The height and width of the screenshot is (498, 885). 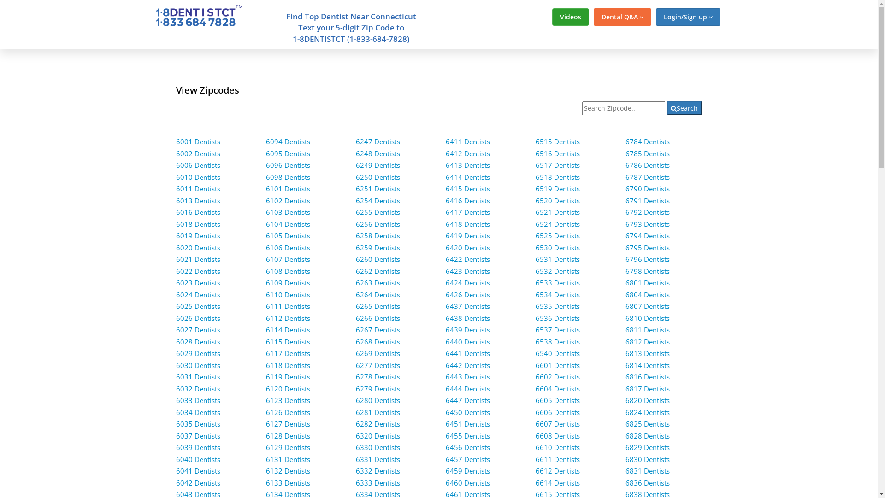 I want to click on '6127 Dentists', so click(x=287, y=423).